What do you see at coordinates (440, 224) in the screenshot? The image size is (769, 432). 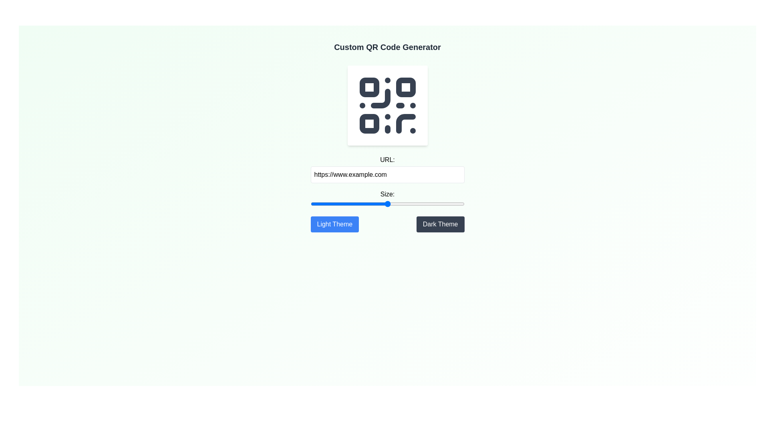 I see `the 'Dark Theme' button, a rectangular button with white text on a dark background` at bounding box center [440, 224].